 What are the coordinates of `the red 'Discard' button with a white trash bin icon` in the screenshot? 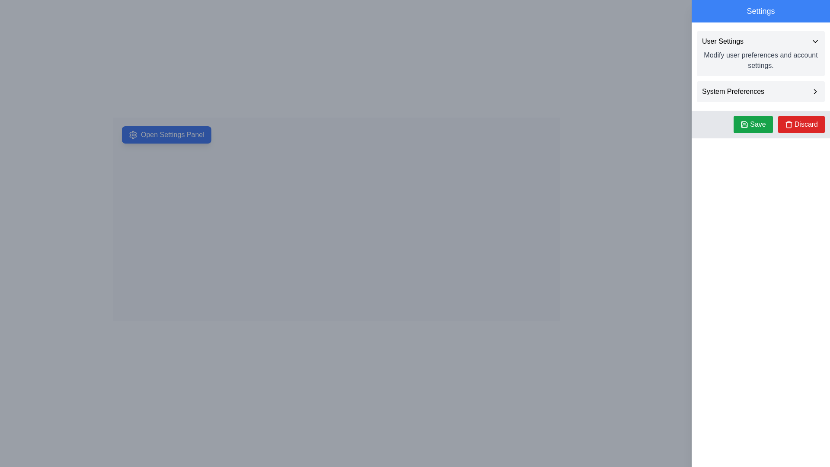 It's located at (801, 125).